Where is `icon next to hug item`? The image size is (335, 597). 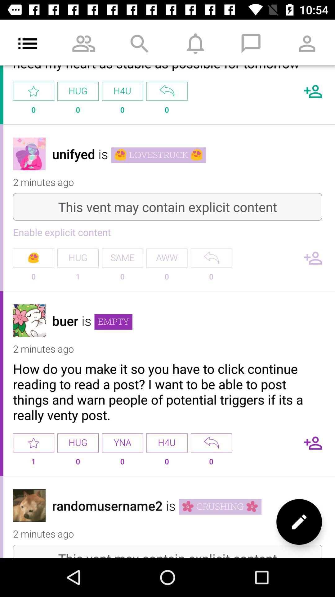
icon next to hug item is located at coordinates (122, 258).